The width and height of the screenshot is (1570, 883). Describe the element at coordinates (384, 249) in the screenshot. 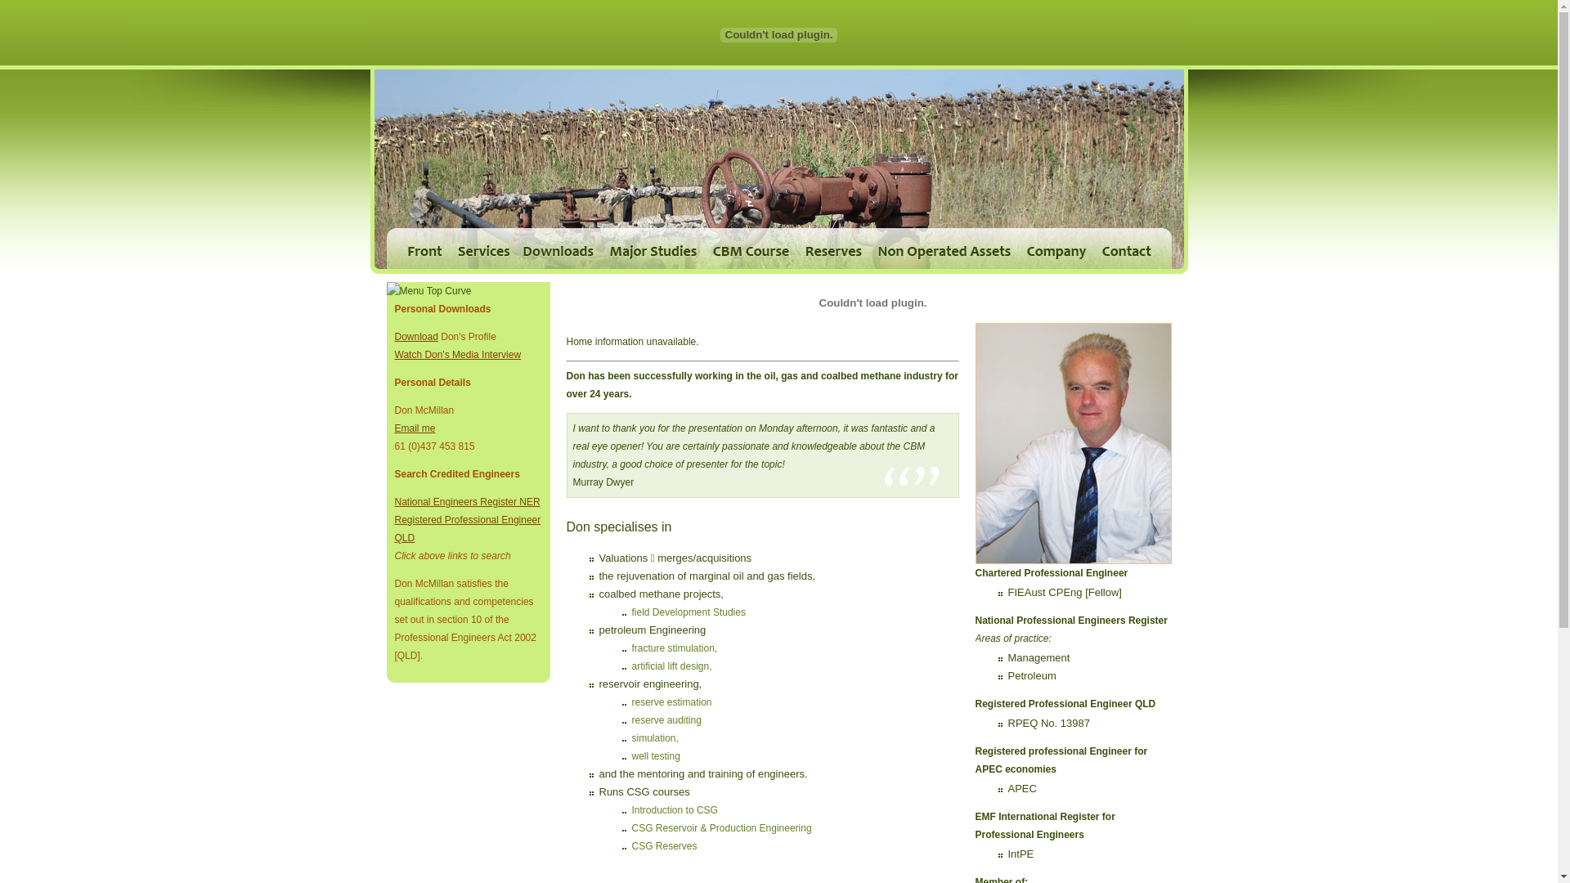

I see `'front'` at that location.